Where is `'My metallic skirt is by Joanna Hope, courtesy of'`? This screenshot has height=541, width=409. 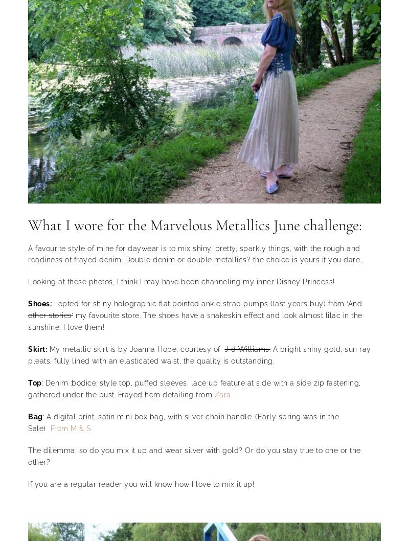
'My metallic skirt is by Joanna Hope, courtesy of' is located at coordinates (135, 349).